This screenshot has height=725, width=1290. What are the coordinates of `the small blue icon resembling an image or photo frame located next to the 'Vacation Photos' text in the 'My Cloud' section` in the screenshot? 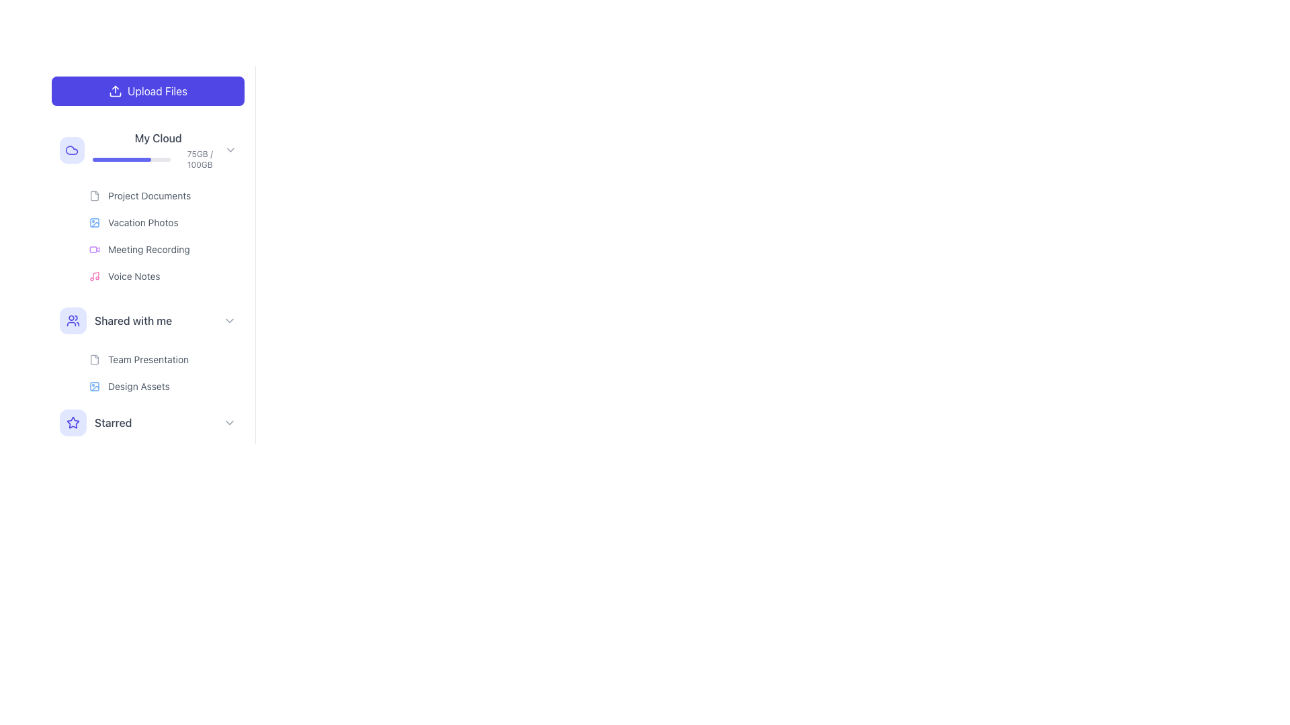 It's located at (93, 222).